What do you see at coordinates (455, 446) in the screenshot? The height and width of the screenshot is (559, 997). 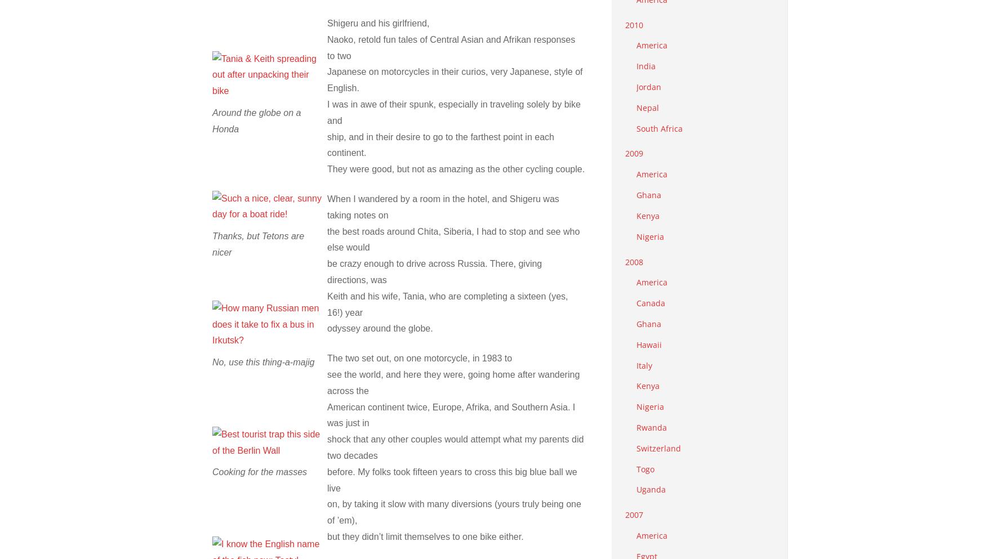 I see `'shock that any other couples would attempt what my parents did two decades'` at bounding box center [455, 446].